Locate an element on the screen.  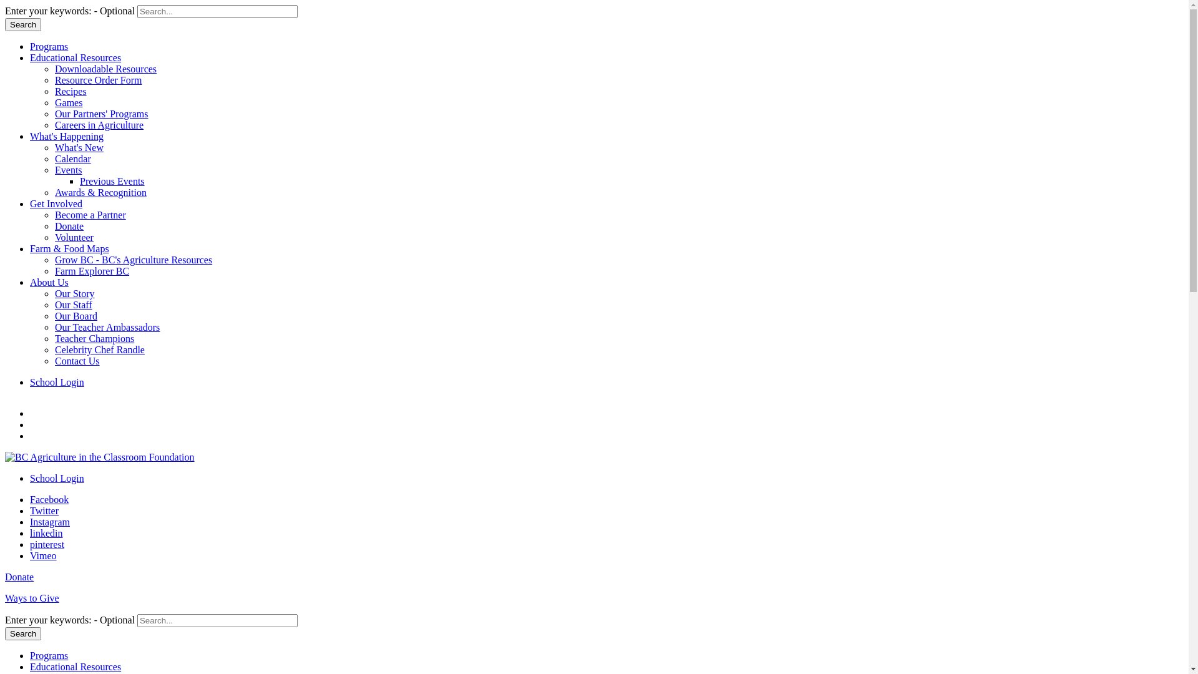
'Donate' is located at coordinates (68, 226).